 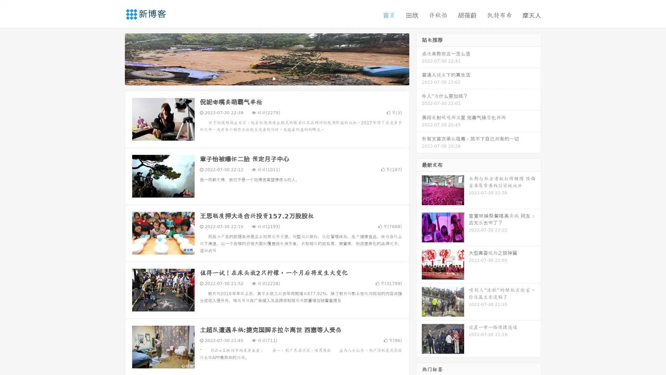 I want to click on Next slide, so click(x=419, y=58).